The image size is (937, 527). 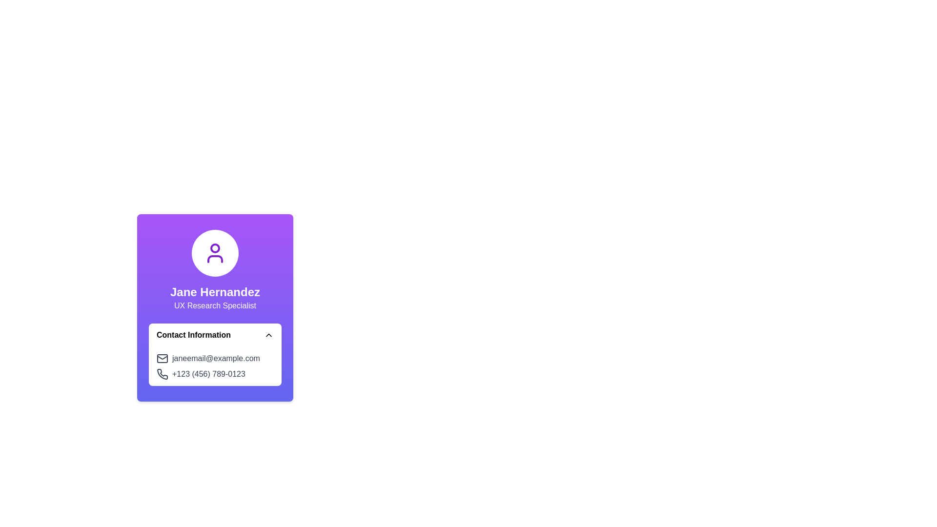 What do you see at coordinates (215, 305) in the screenshot?
I see `the text label 'UX Research Specialist' which is centrally positioned below 'Jane Hernandez' and above 'Contact Information' in the card interface` at bounding box center [215, 305].